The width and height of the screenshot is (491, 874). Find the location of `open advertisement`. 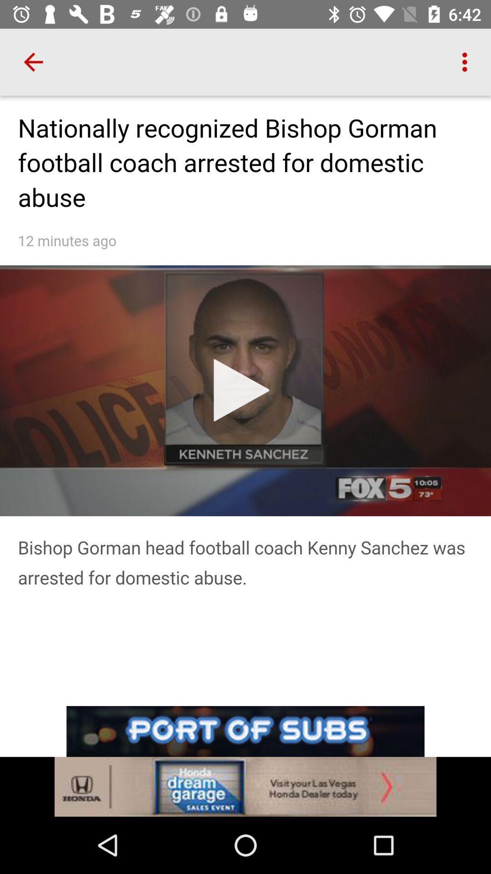

open advertisement is located at coordinates (245, 761).